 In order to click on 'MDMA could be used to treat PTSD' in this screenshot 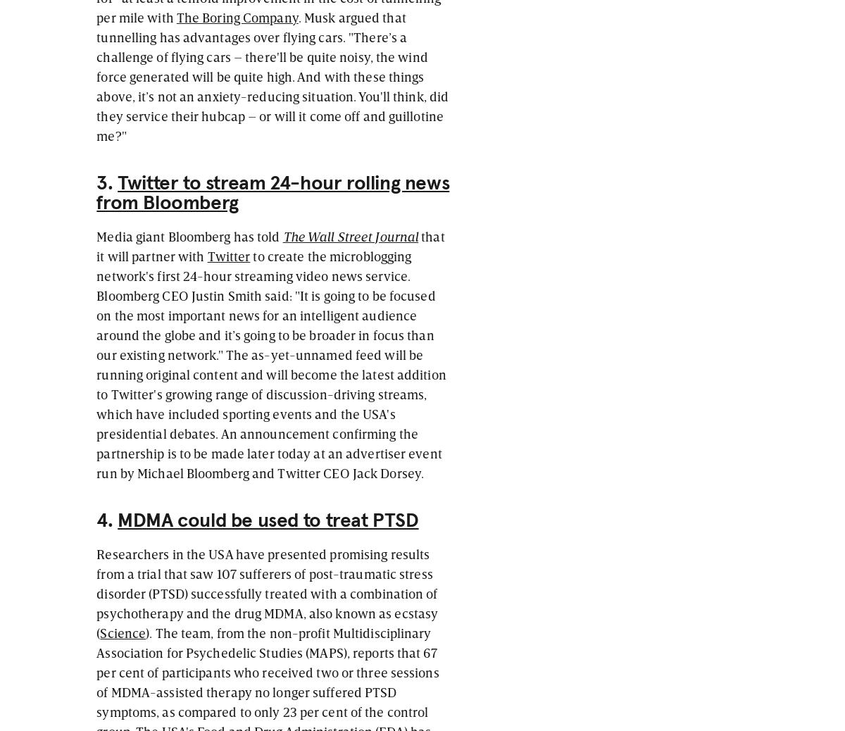, I will do `click(117, 519)`.